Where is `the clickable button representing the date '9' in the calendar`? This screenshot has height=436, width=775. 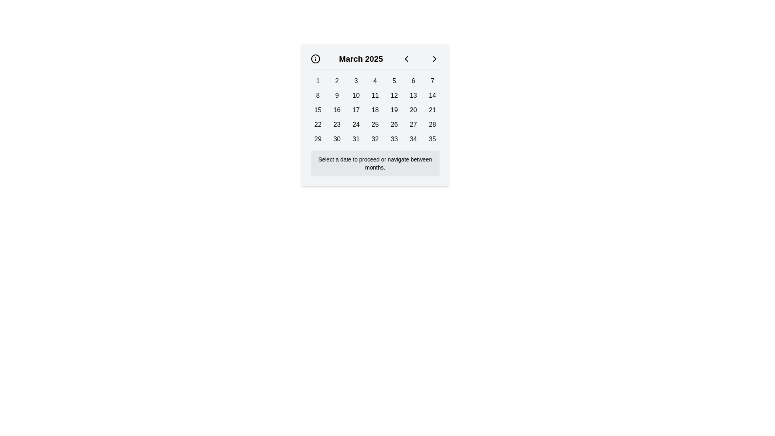 the clickable button representing the date '9' in the calendar is located at coordinates (337, 95).